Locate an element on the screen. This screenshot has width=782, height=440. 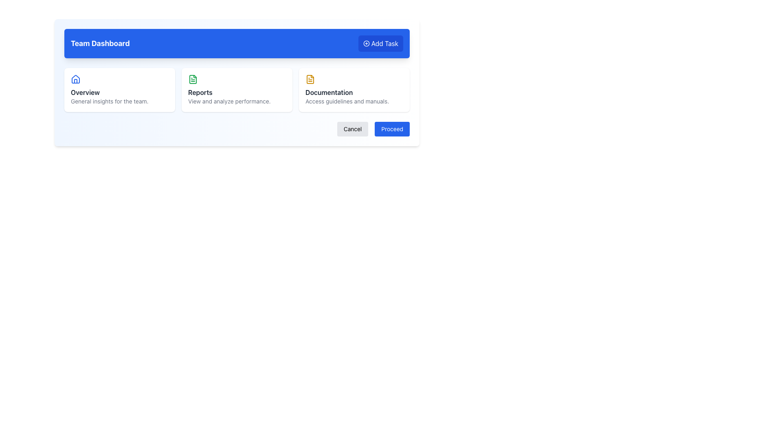
the call-to-action button located at the bottom right corner of the layout, which is the second button from the left in a horizontal grouping, to initiate an action is located at coordinates (392, 128).